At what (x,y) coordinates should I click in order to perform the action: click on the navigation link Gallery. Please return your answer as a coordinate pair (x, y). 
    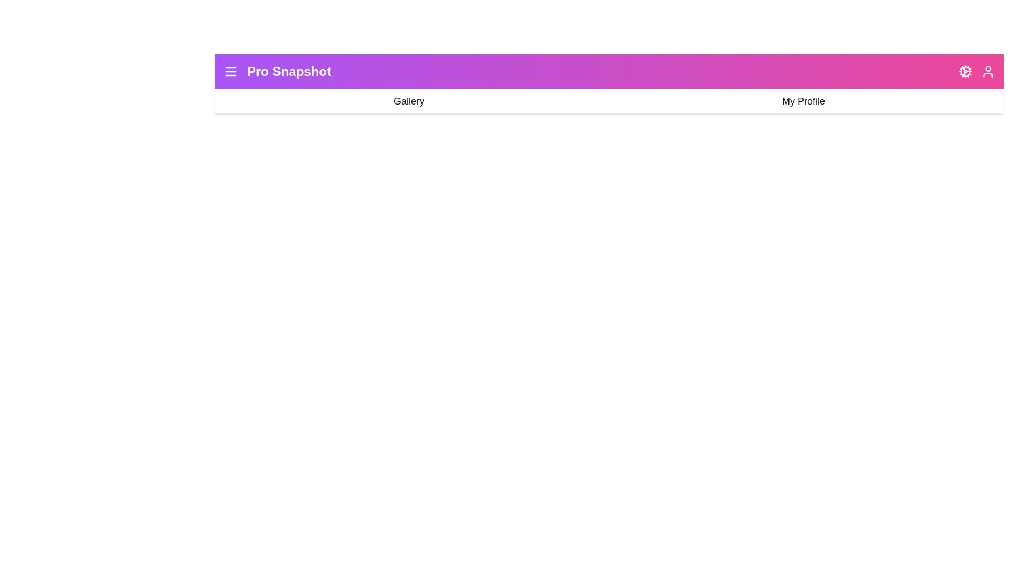
    Looking at the image, I should click on (408, 101).